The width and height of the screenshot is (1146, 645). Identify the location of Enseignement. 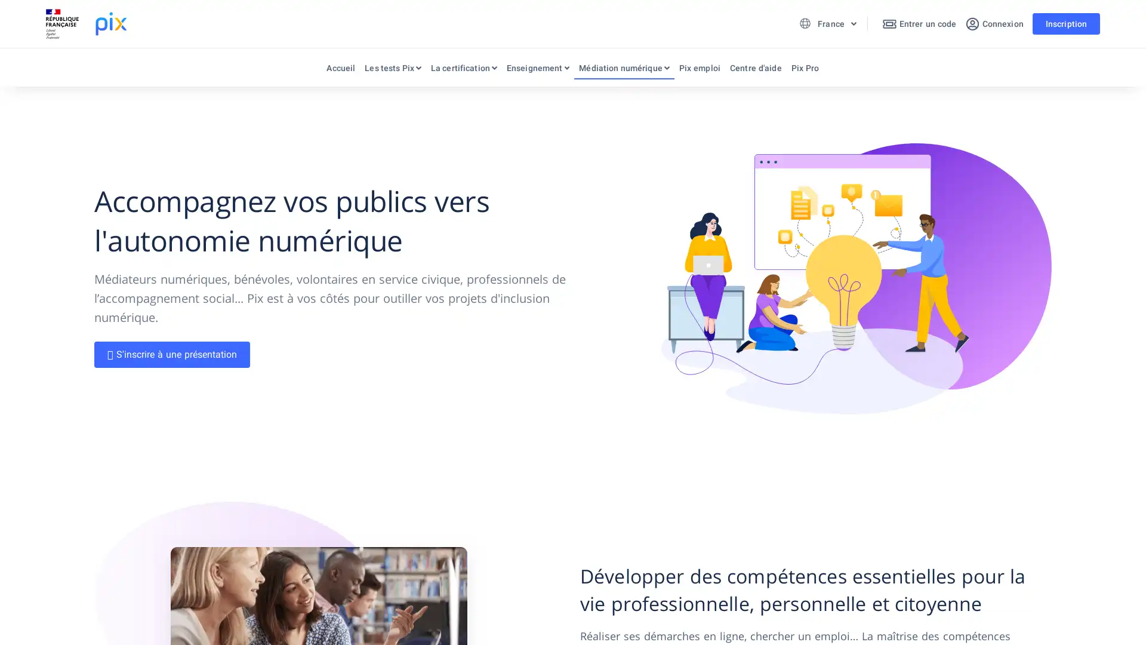
(537, 70).